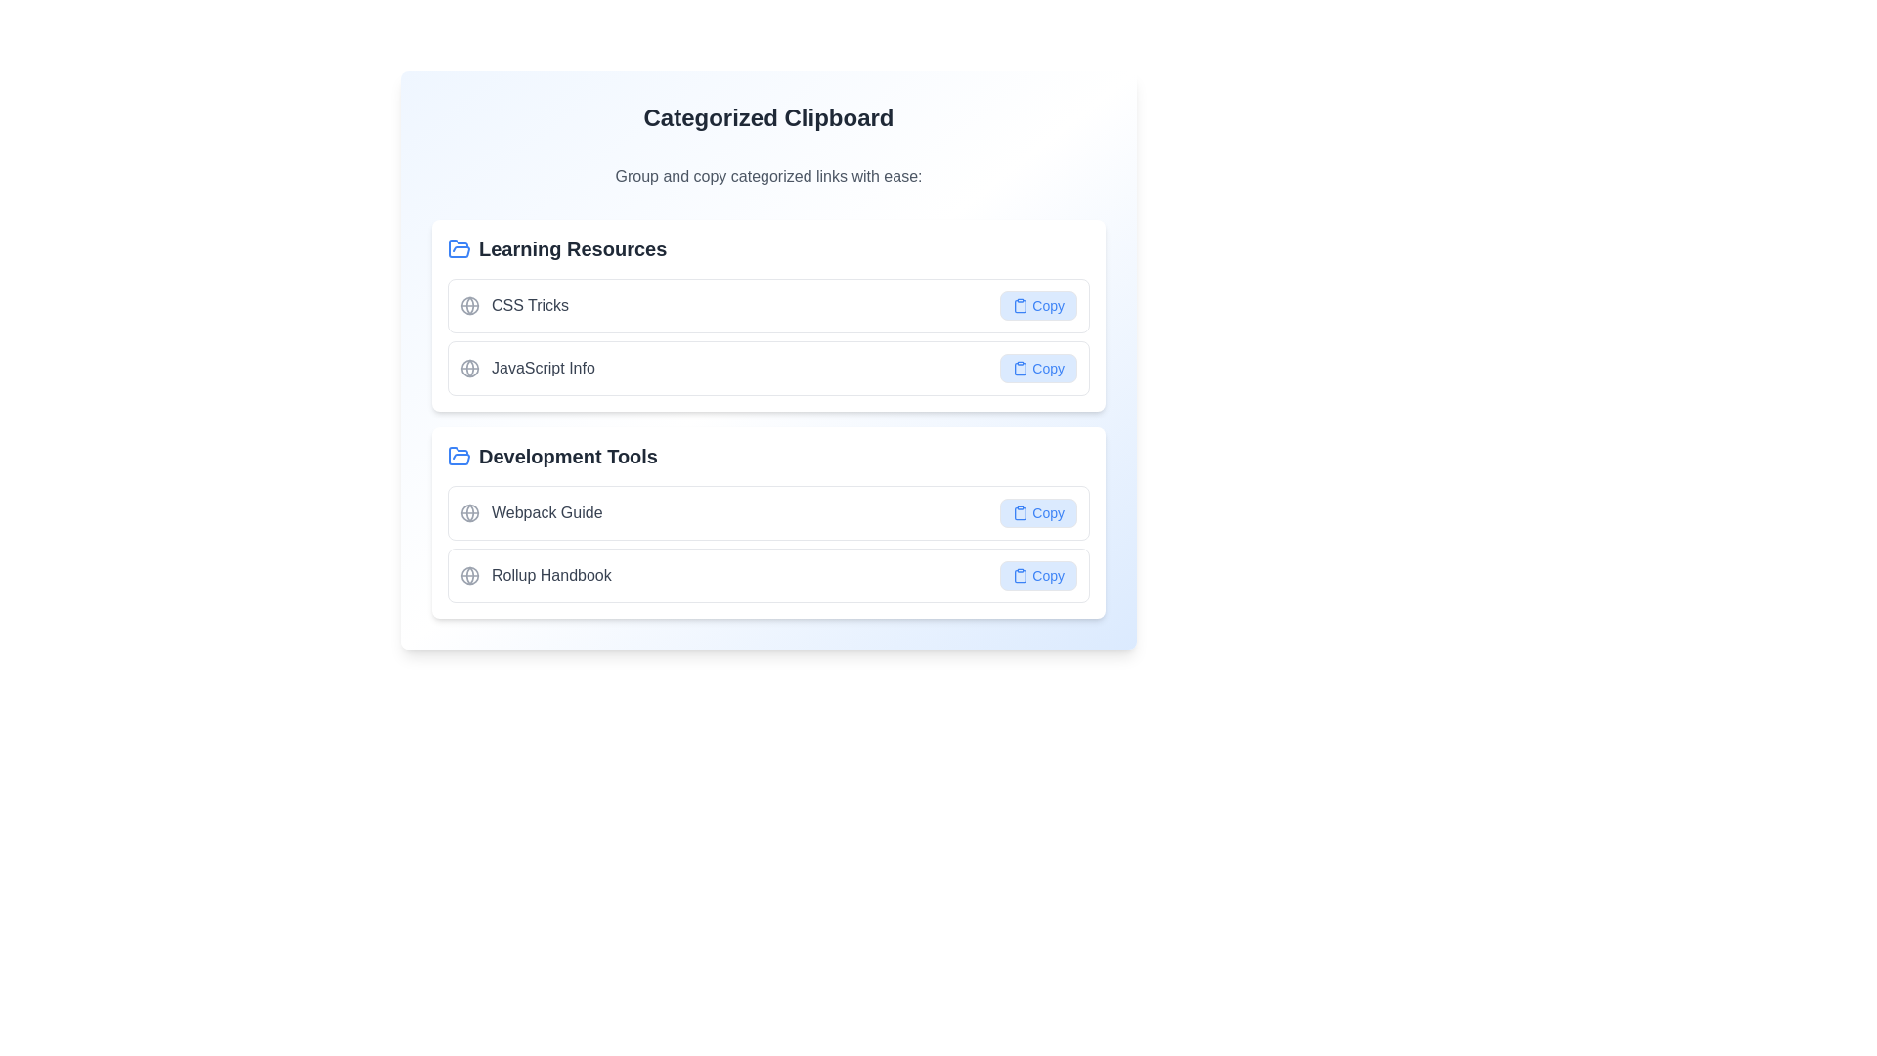  Describe the element at coordinates (1037, 369) in the screenshot. I see `the 'Copy' button with a light blue background and blue text, which is located in the 'Learning Resources' section, to copy the associated text` at that location.